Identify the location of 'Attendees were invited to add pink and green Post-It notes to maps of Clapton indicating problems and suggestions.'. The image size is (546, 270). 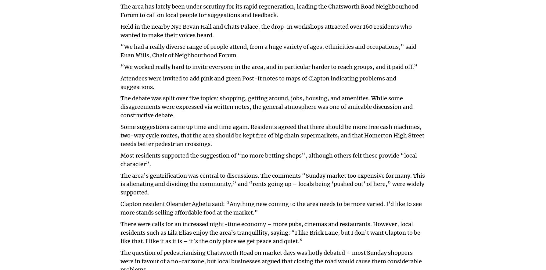
(258, 82).